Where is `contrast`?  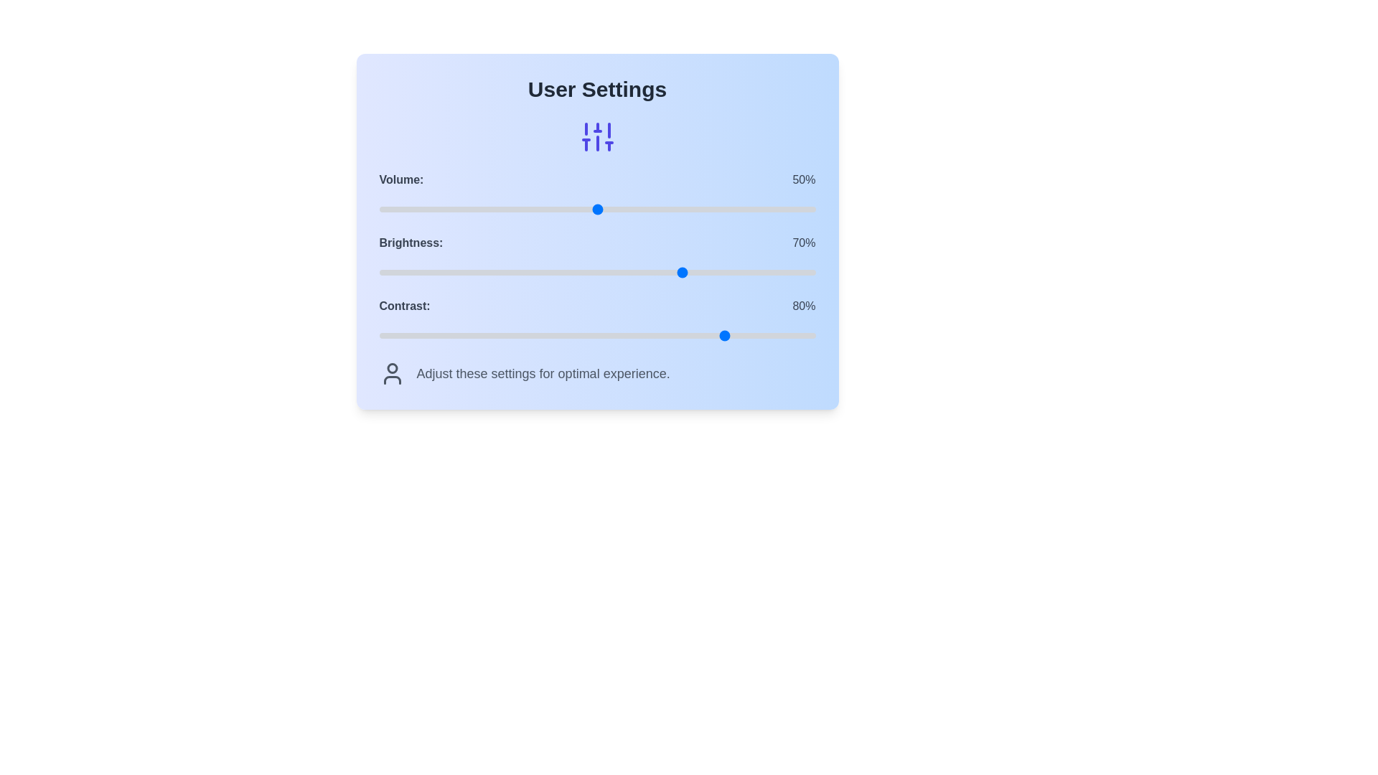
contrast is located at coordinates (388, 335).